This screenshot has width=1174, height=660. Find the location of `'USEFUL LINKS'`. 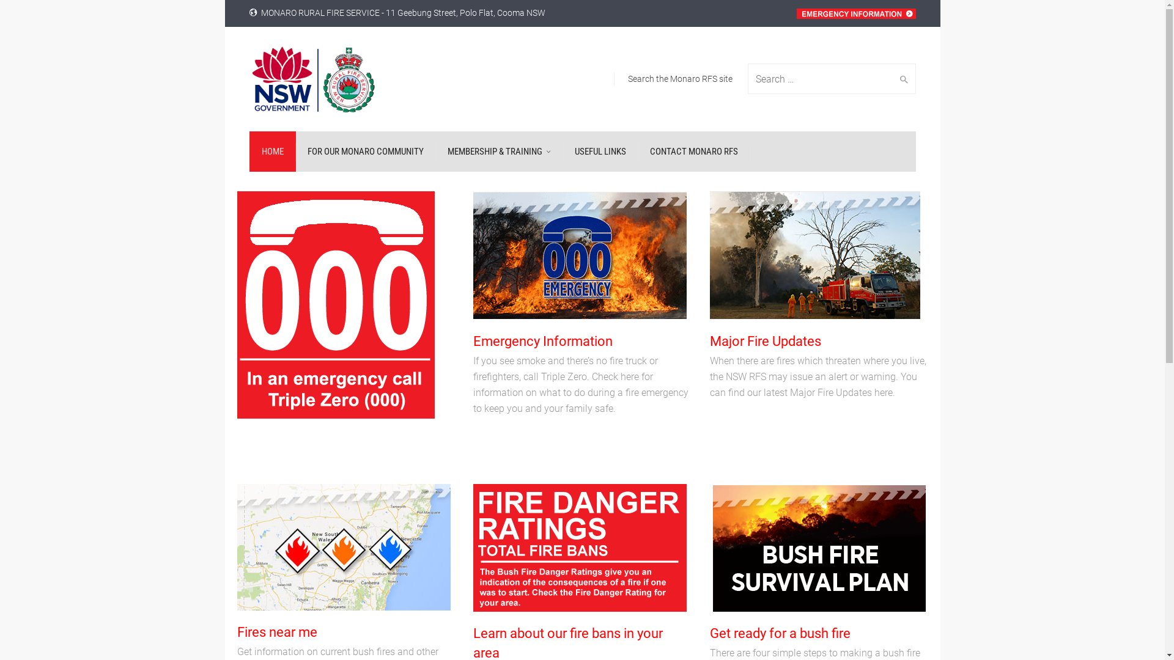

'USEFUL LINKS' is located at coordinates (600, 150).